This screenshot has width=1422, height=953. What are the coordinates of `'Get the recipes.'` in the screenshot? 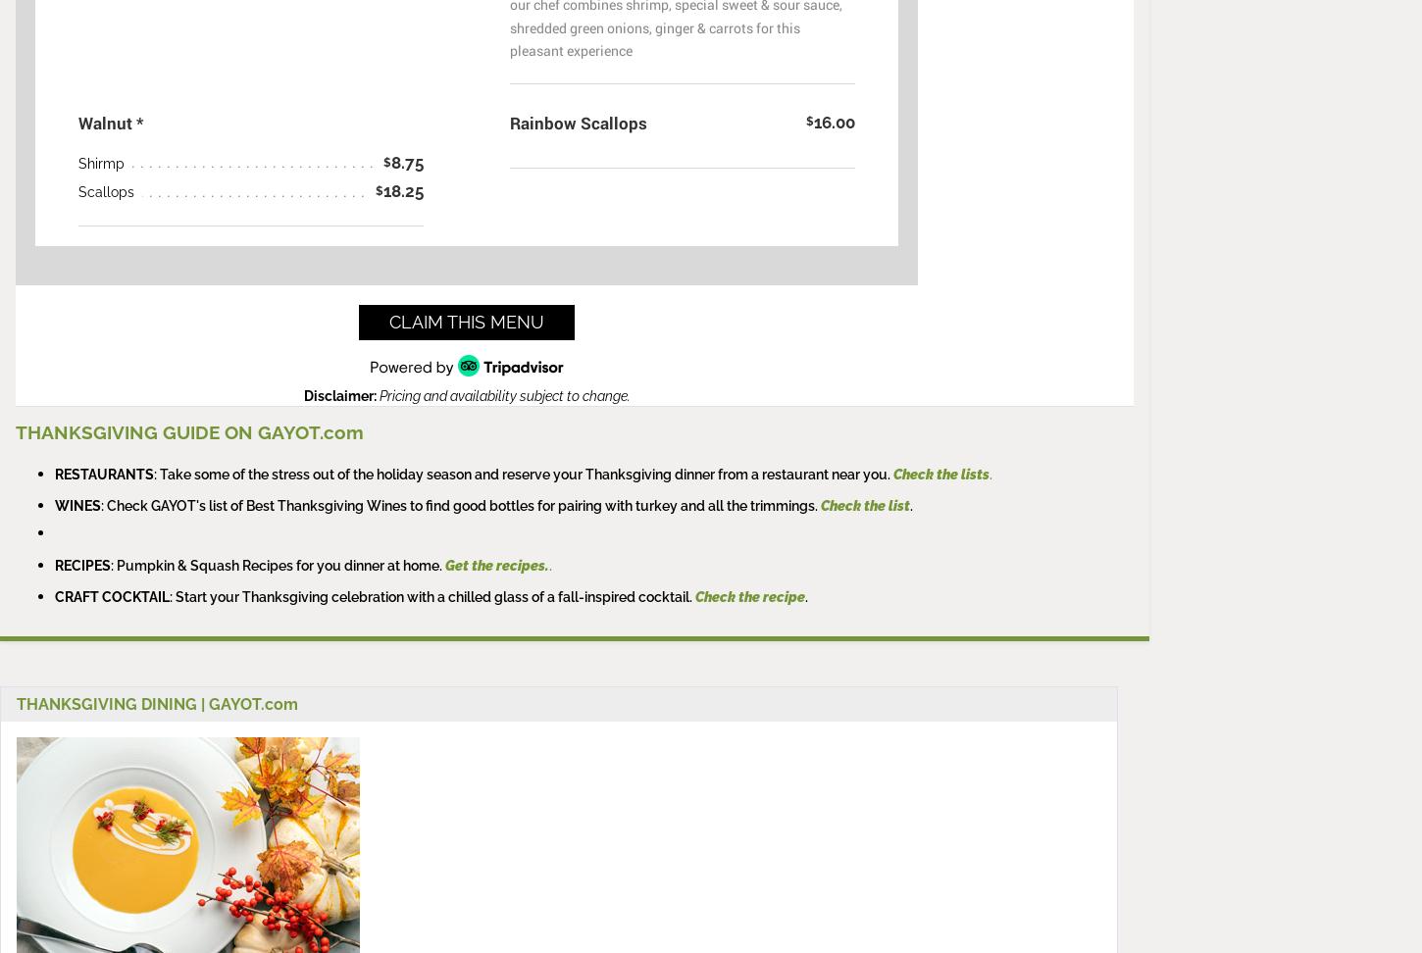 It's located at (497, 564).